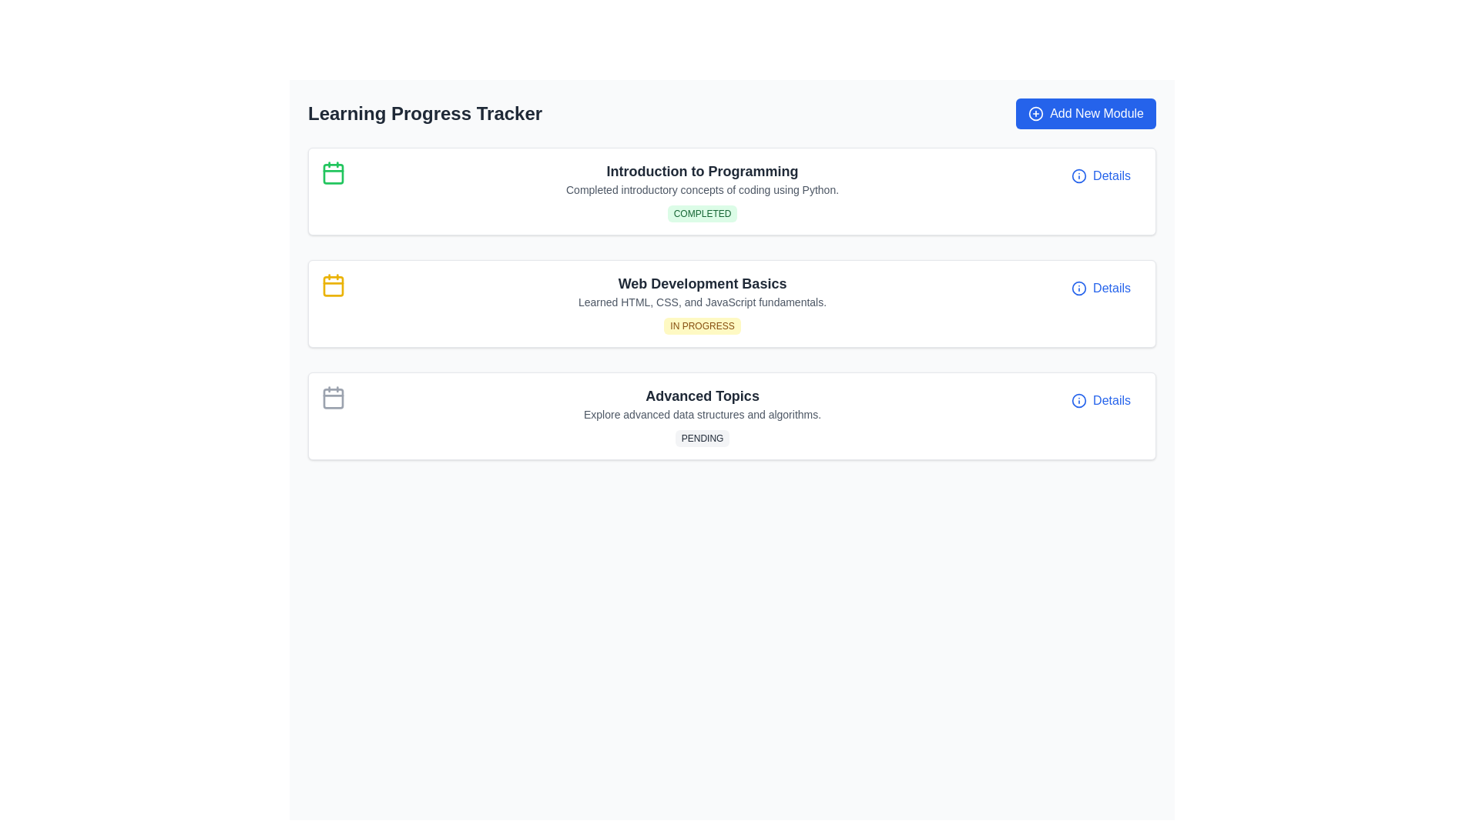  What do you see at coordinates (702, 302) in the screenshot?
I see `informational text label that describes the topic 'Web Development Basics', which is located below the heading and above the status label 'IN PROGRESS'` at bounding box center [702, 302].